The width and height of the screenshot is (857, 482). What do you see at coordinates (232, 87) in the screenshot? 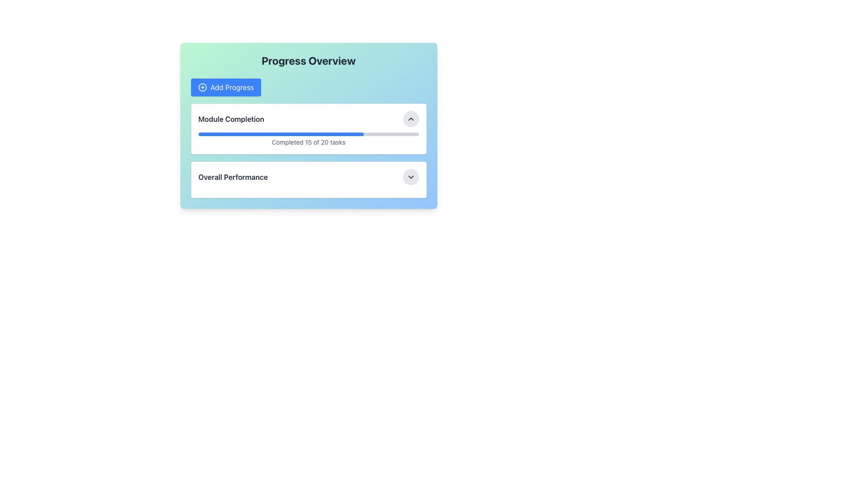
I see `the Text Label that is part of the button for managing progress actions, located to the right of the plus icon in the 'Progress Overview' card` at bounding box center [232, 87].